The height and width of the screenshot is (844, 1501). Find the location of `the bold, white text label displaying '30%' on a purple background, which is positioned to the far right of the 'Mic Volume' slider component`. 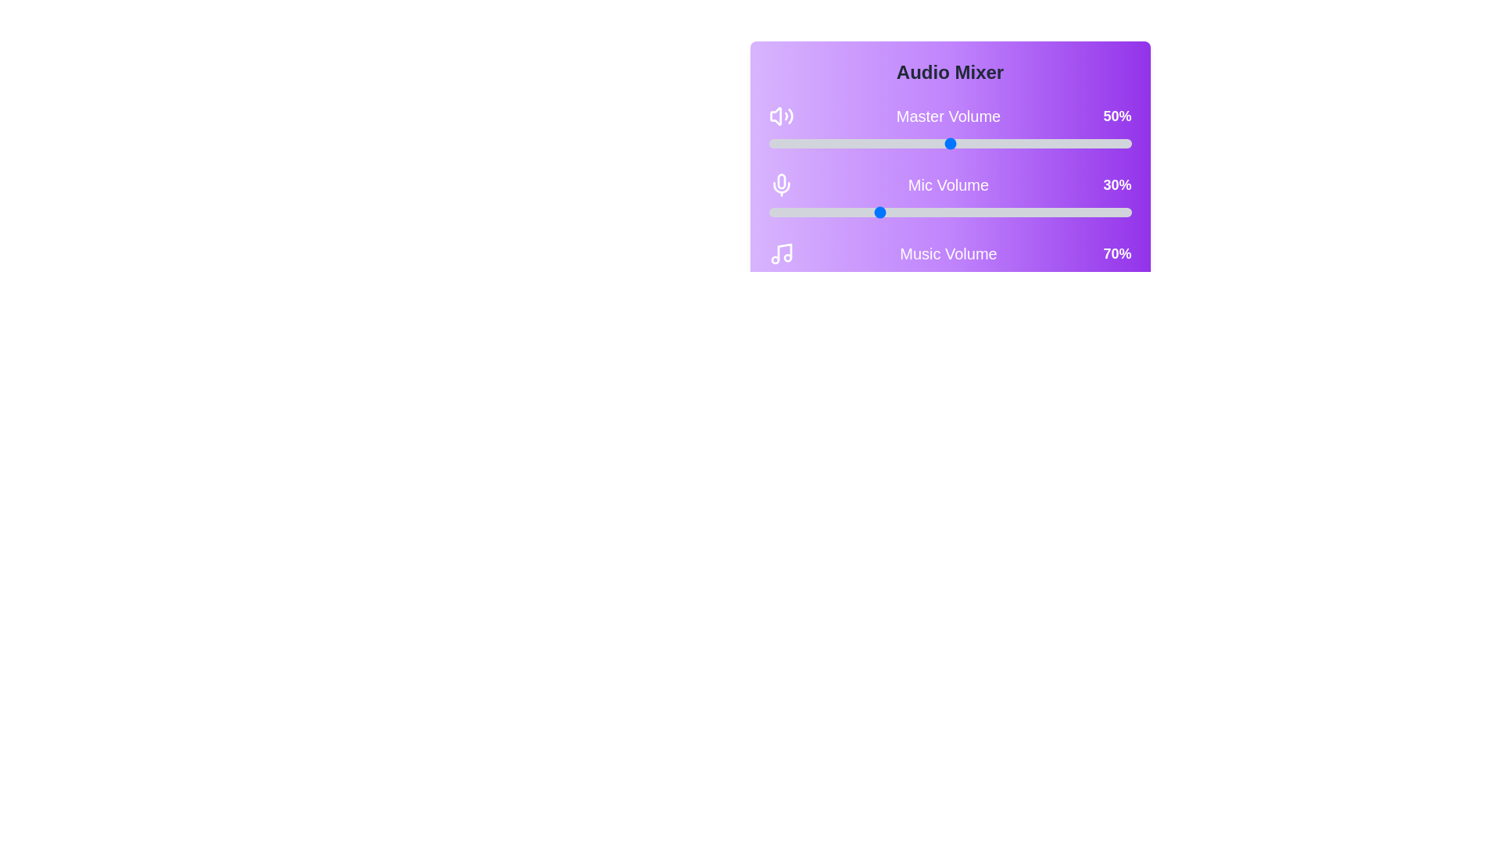

the bold, white text label displaying '30%' on a purple background, which is positioned to the far right of the 'Mic Volume' slider component is located at coordinates (1116, 184).